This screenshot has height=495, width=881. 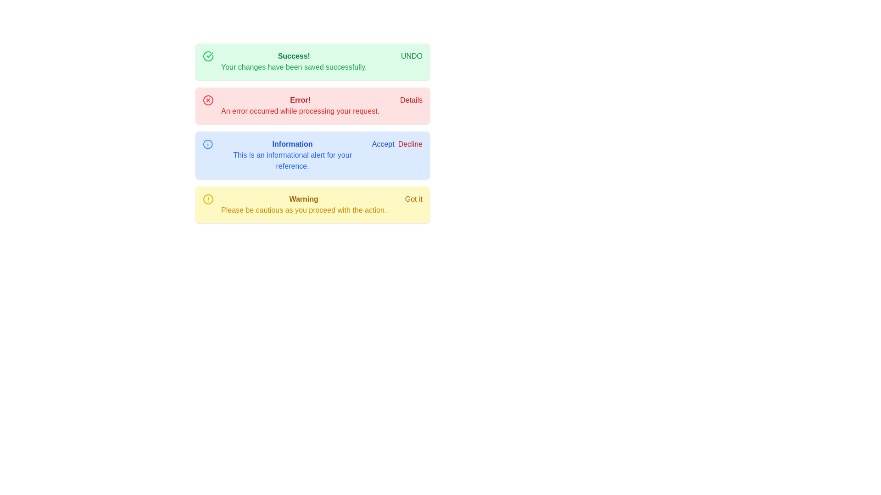 I want to click on the error icon located in the upper-left corner of the error notification component, adjacent to the main text 'Error!' in the second alert box from the top, so click(x=208, y=100).